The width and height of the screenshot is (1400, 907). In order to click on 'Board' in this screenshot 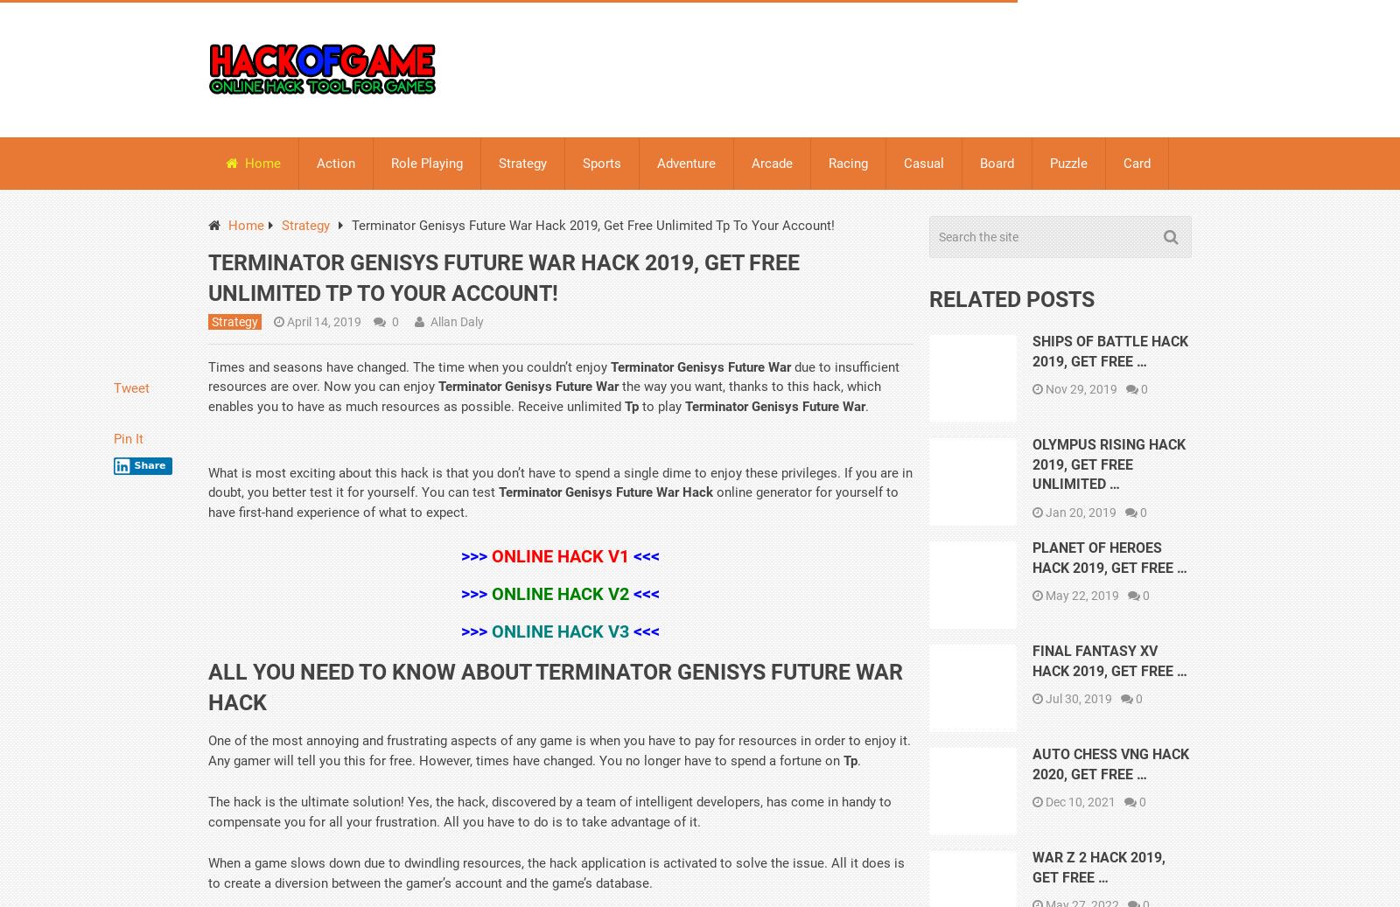, I will do `click(980, 162)`.